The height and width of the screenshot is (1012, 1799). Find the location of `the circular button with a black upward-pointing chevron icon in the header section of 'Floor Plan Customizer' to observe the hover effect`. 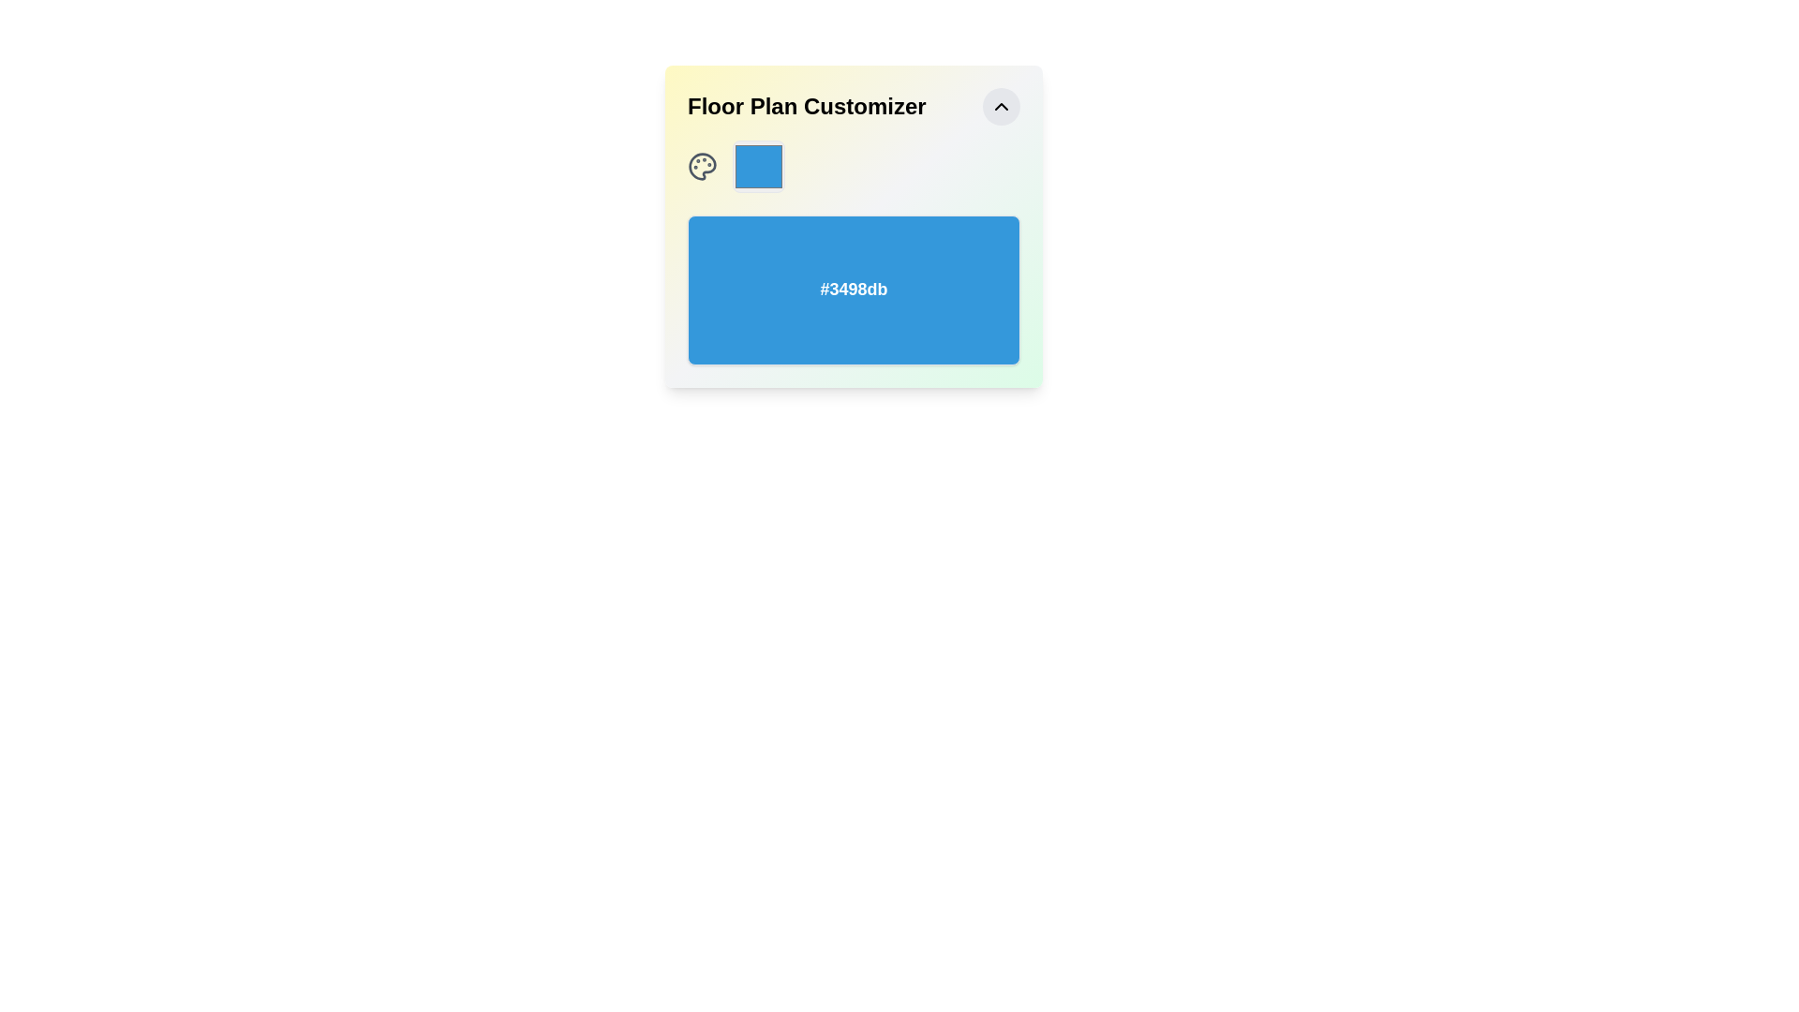

the circular button with a black upward-pointing chevron icon in the header section of 'Floor Plan Customizer' to observe the hover effect is located at coordinates (1001, 107).